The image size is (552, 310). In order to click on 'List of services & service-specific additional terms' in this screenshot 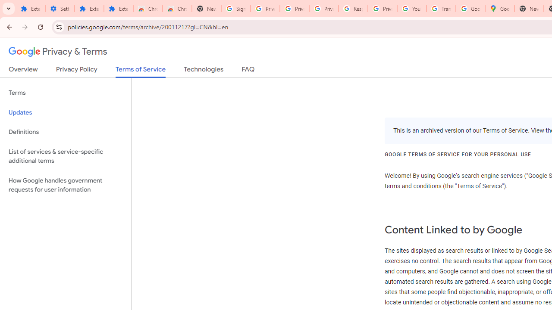, I will do `click(65, 156)`.